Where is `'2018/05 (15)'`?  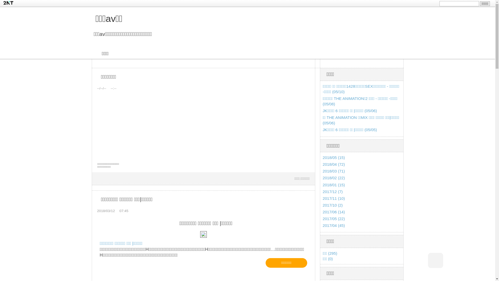
'2018/05 (15)' is located at coordinates (323, 157).